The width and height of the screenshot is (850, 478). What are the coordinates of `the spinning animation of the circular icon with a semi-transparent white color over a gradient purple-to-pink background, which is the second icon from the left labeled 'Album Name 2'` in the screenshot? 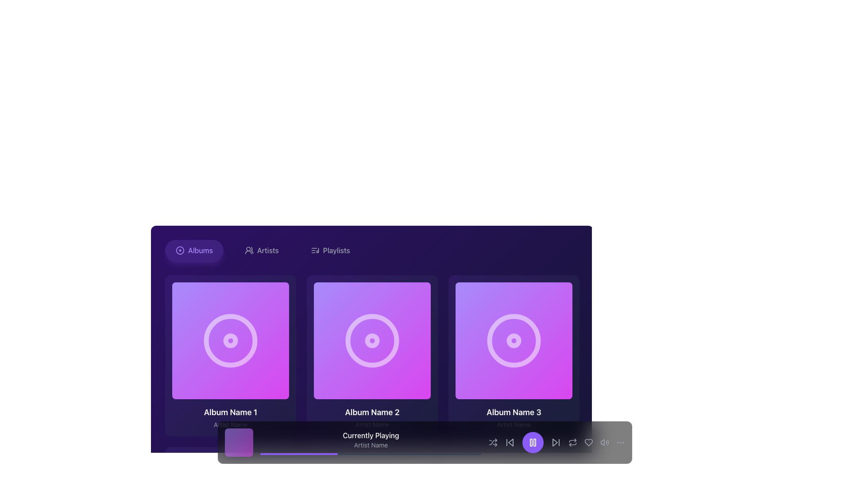 It's located at (372, 340).